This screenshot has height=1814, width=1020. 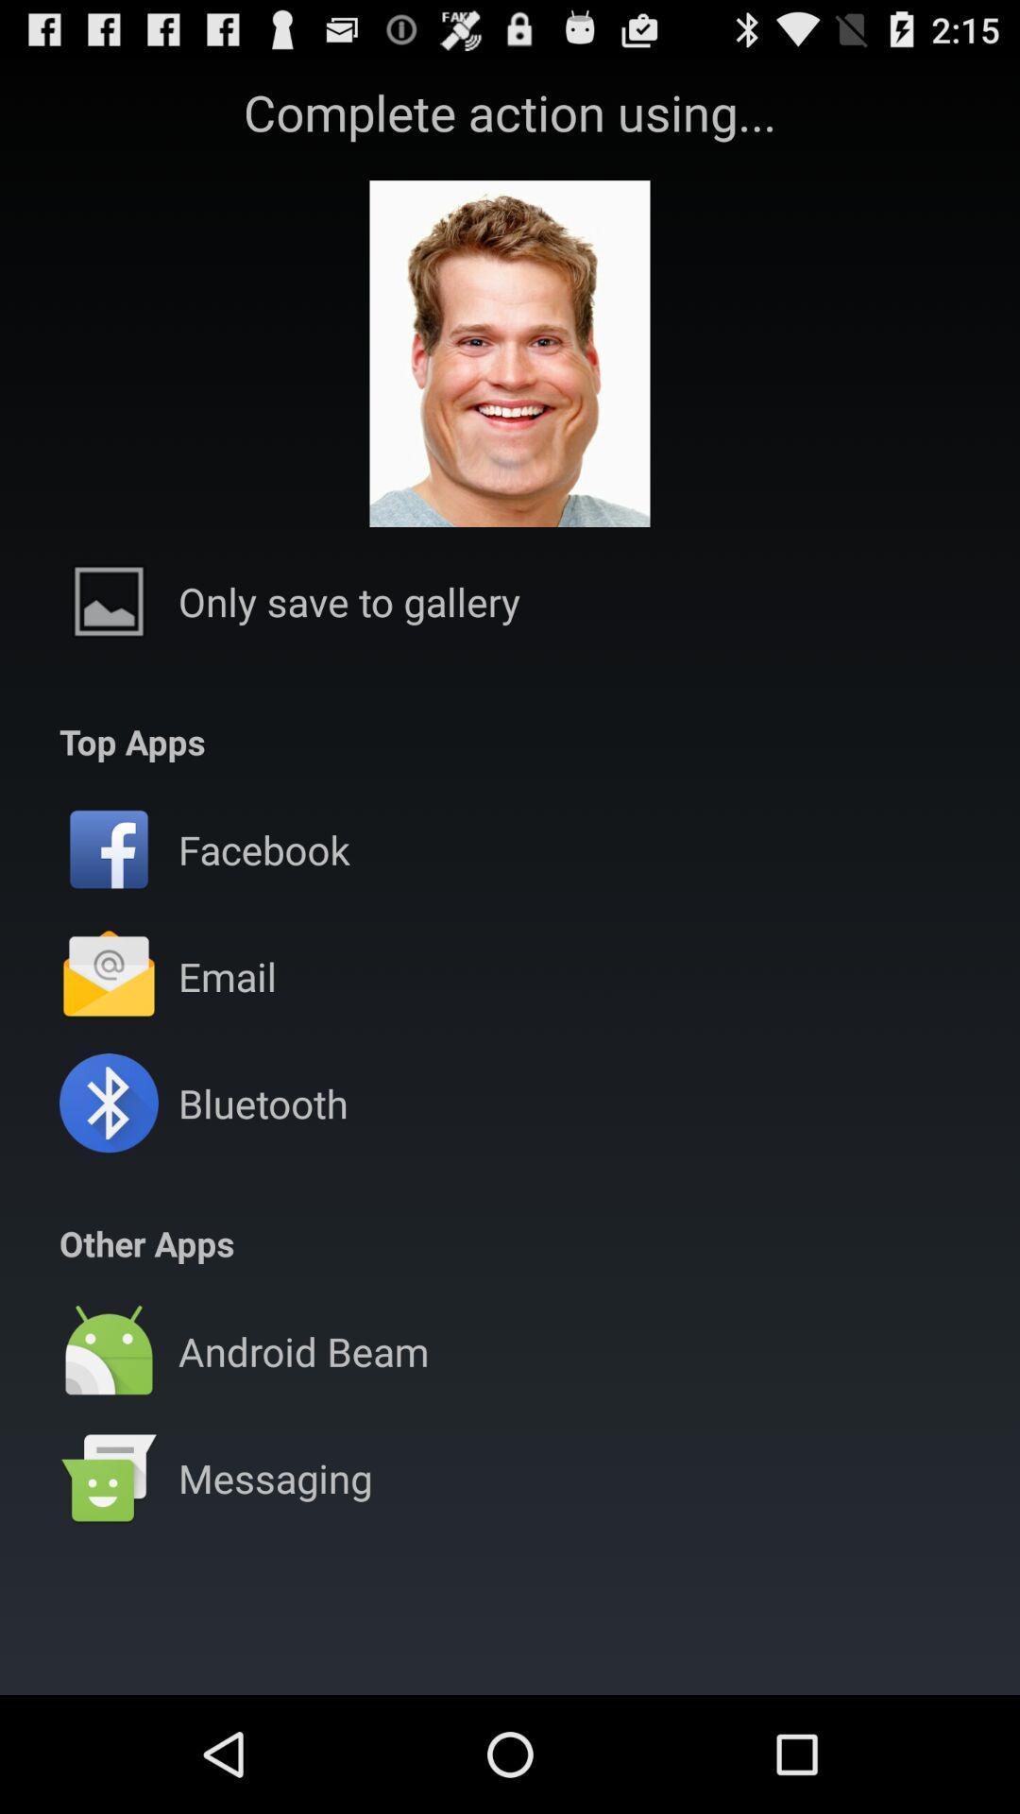 What do you see at coordinates (263, 1103) in the screenshot?
I see `bluetooth icon` at bounding box center [263, 1103].